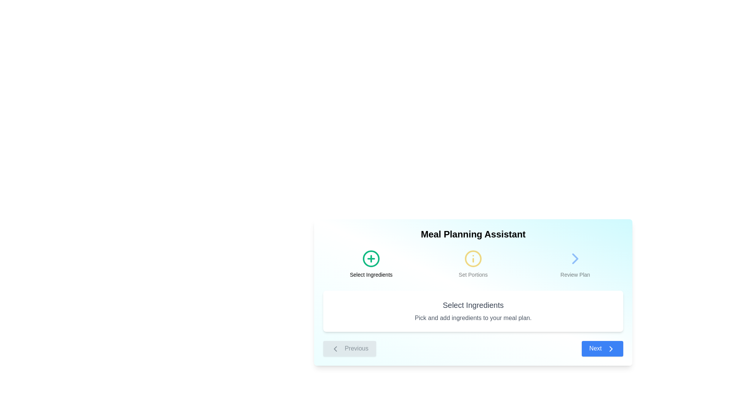  What do you see at coordinates (611, 348) in the screenshot?
I see `the Icon indicating the action associated with the 'Next' button, which suggests forward navigation and is positioned at the far-right of the blue 'Next' button` at bounding box center [611, 348].